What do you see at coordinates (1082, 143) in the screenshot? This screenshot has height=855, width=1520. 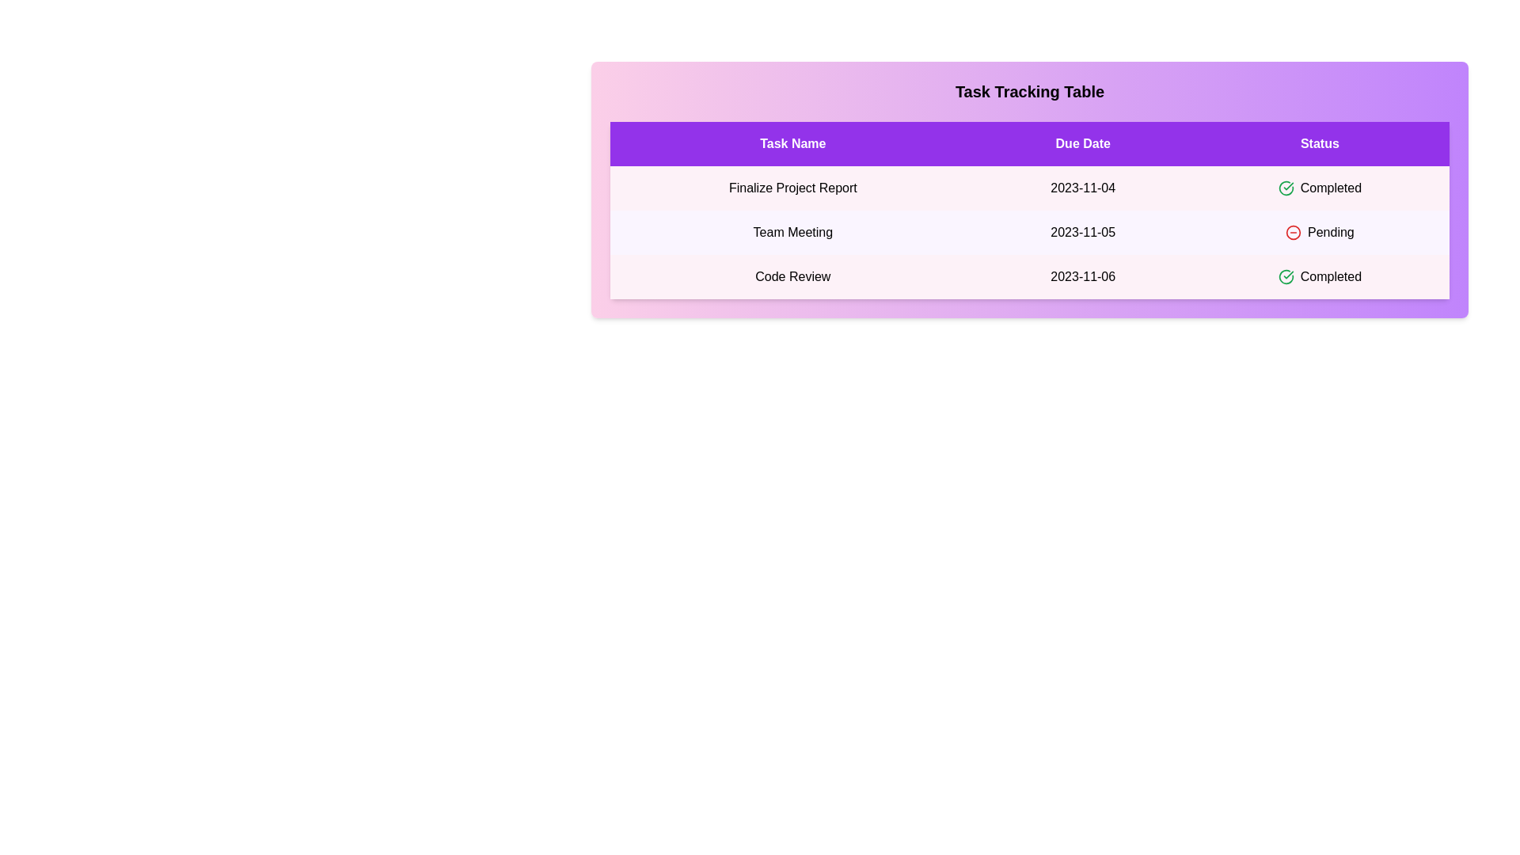 I see `the Due Date header to sort the table by that column` at bounding box center [1082, 143].